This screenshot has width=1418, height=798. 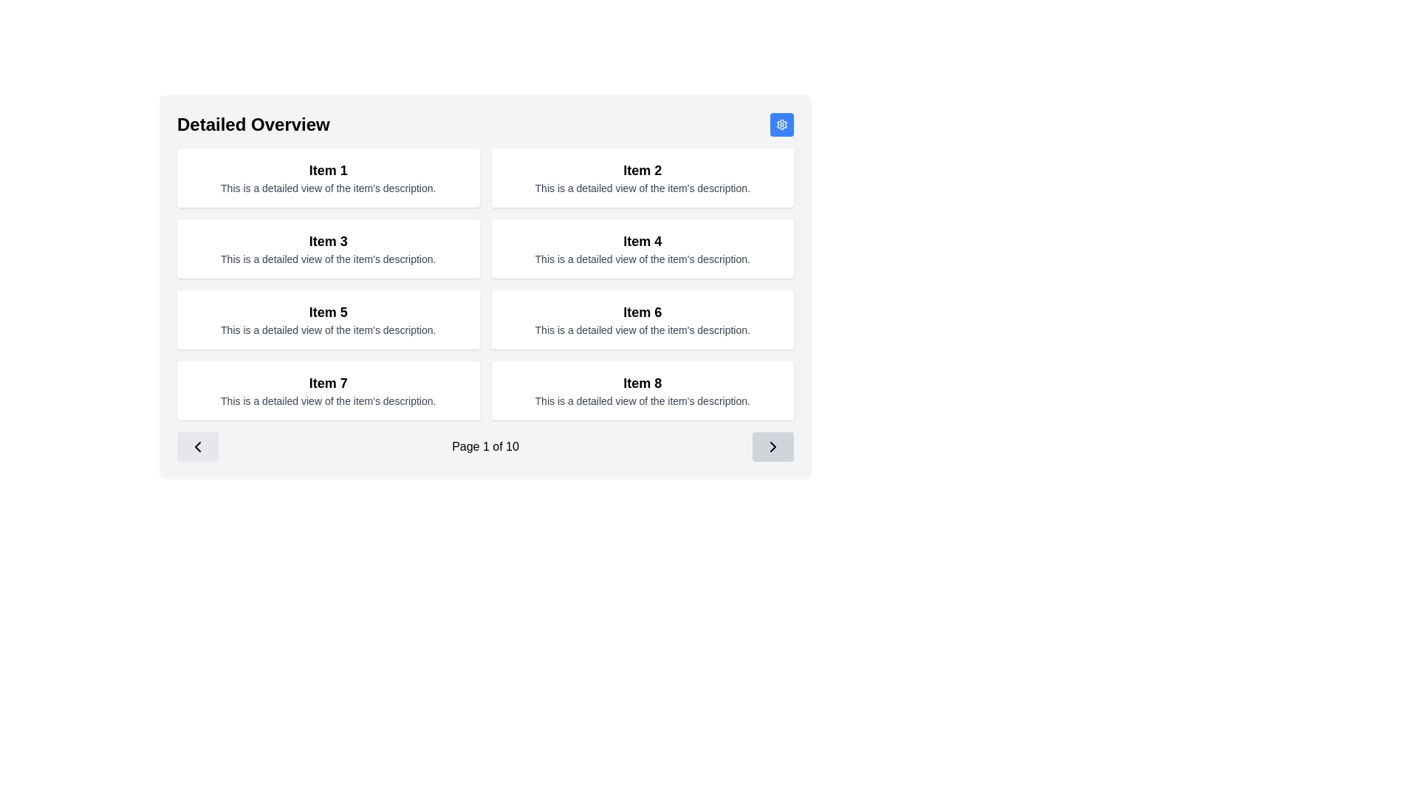 What do you see at coordinates (781, 124) in the screenshot?
I see `the settings button located in the top-right corner of the 'Detailed Overview' section` at bounding box center [781, 124].